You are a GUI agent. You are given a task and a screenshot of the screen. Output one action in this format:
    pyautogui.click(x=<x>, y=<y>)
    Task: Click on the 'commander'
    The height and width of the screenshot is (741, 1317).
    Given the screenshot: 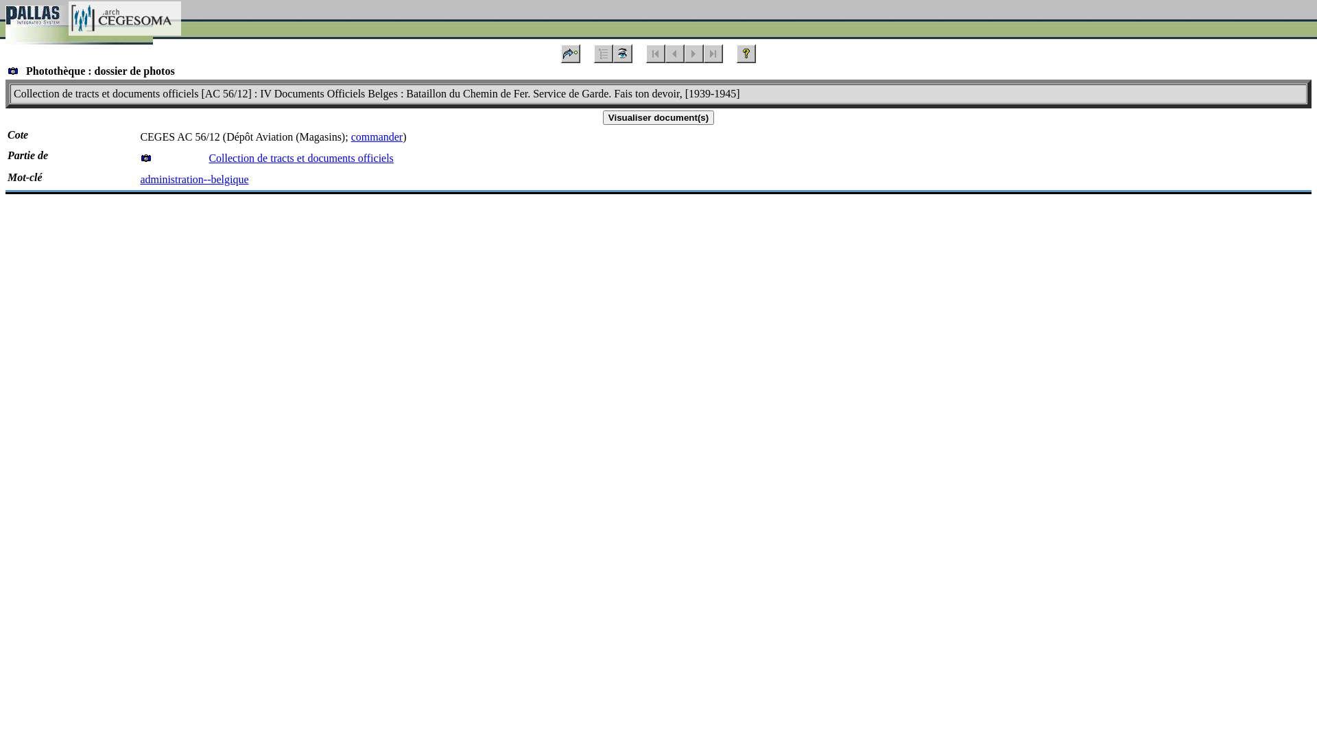 What is the action you would take?
    pyautogui.click(x=377, y=137)
    